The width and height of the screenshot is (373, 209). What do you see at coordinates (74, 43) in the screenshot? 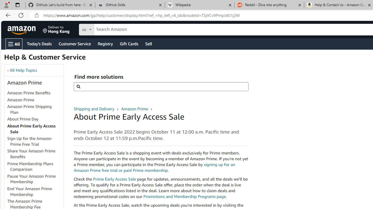
I see `'Customer Service'` at bounding box center [74, 43].